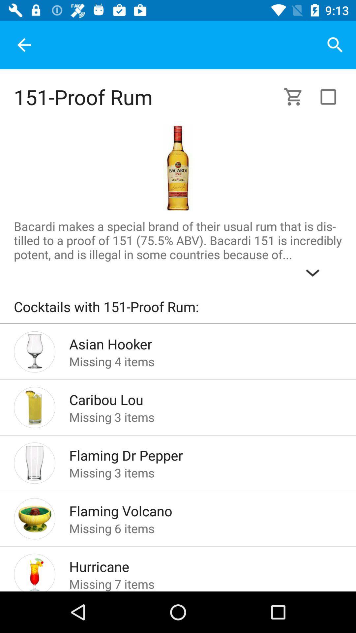 Image resolution: width=356 pixels, height=633 pixels. Describe the element at coordinates (195, 397) in the screenshot. I see `item above missing 3 items` at that location.